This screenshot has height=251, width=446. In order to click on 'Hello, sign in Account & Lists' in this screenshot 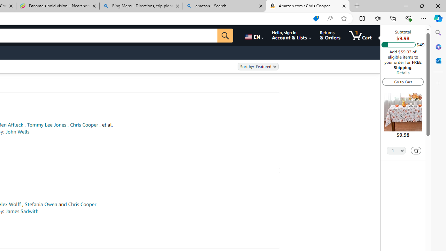, I will do `click(292, 35)`.